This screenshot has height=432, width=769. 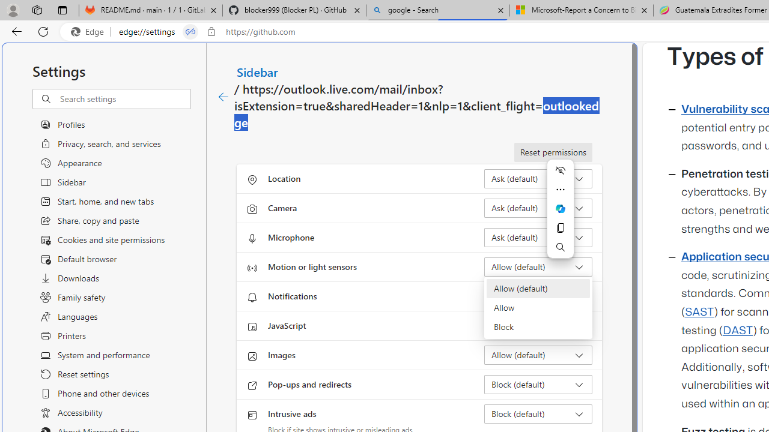 What do you see at coordinates (538, 354) in the screenshot?
I see `'Images Allow (default)'` at bounding box center [538, 354].